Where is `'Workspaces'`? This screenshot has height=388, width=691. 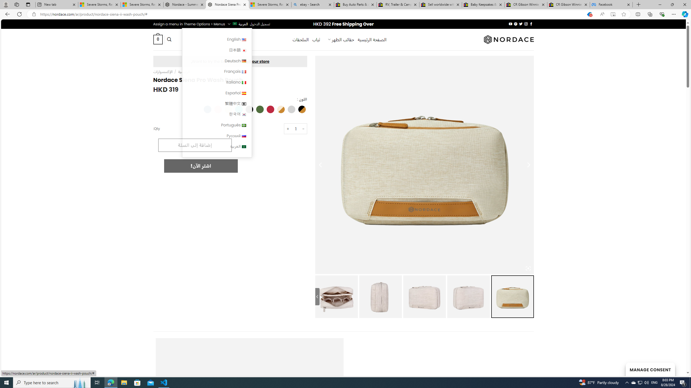 'Workspaces' is located at coordinates (16, 4).